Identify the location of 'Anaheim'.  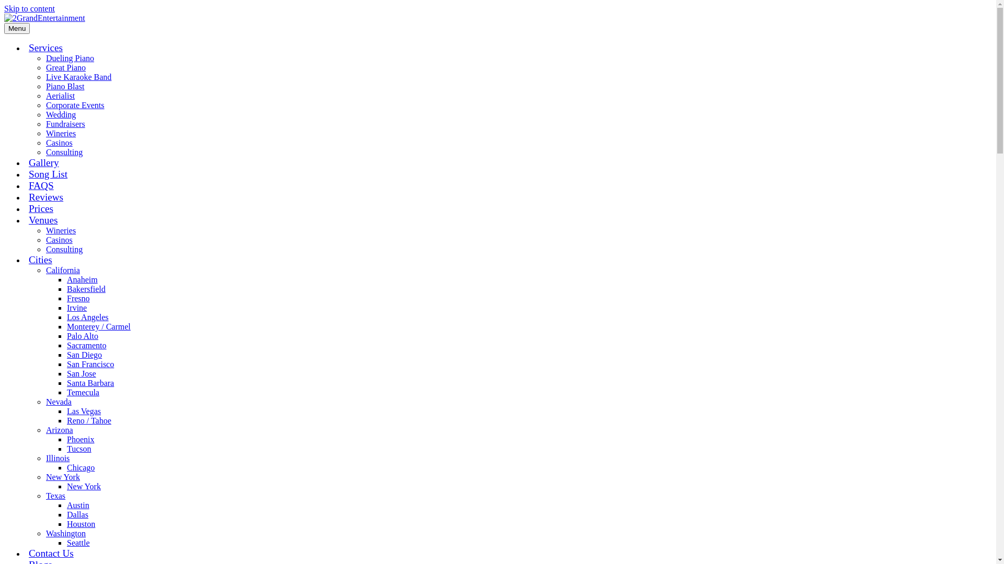
(82, 279).